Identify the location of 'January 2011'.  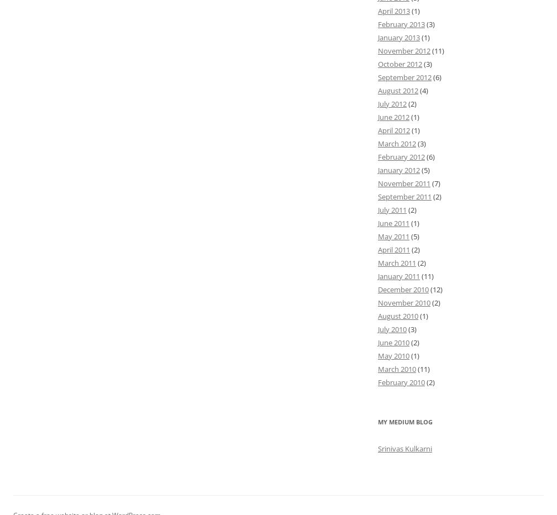
(399, 275).